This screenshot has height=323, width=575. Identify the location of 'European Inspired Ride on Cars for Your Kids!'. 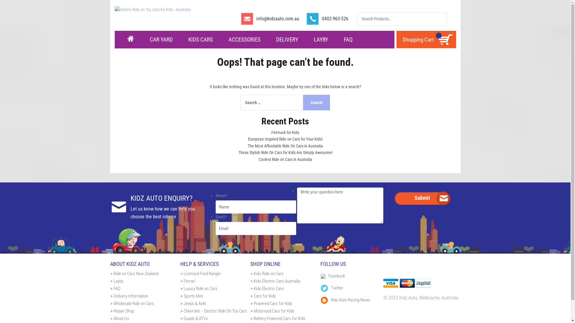
(248, 139).